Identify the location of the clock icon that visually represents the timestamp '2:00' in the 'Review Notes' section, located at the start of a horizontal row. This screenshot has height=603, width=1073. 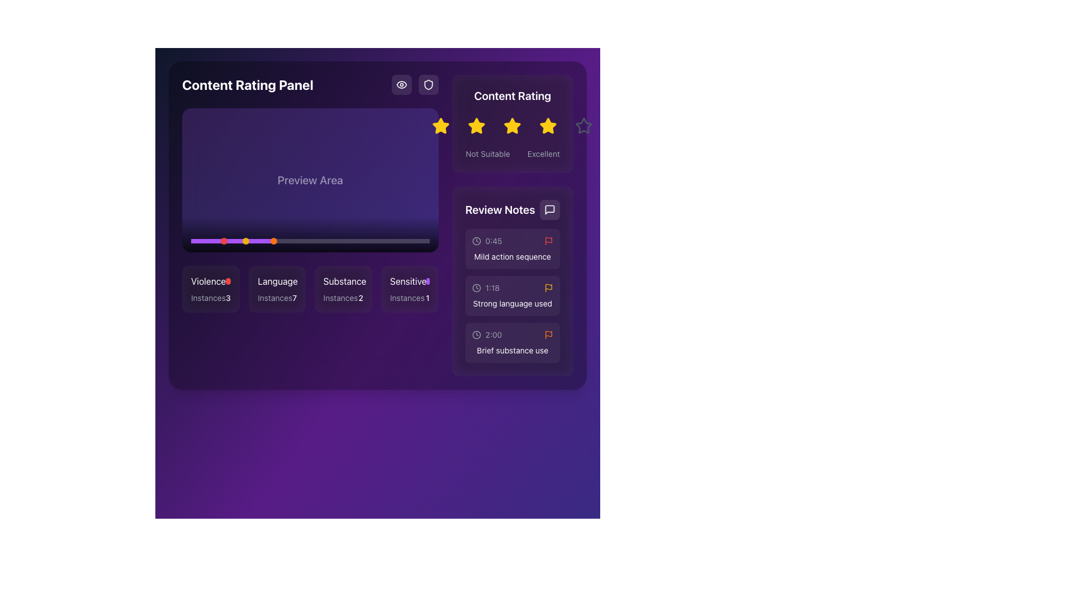
(476, 334).